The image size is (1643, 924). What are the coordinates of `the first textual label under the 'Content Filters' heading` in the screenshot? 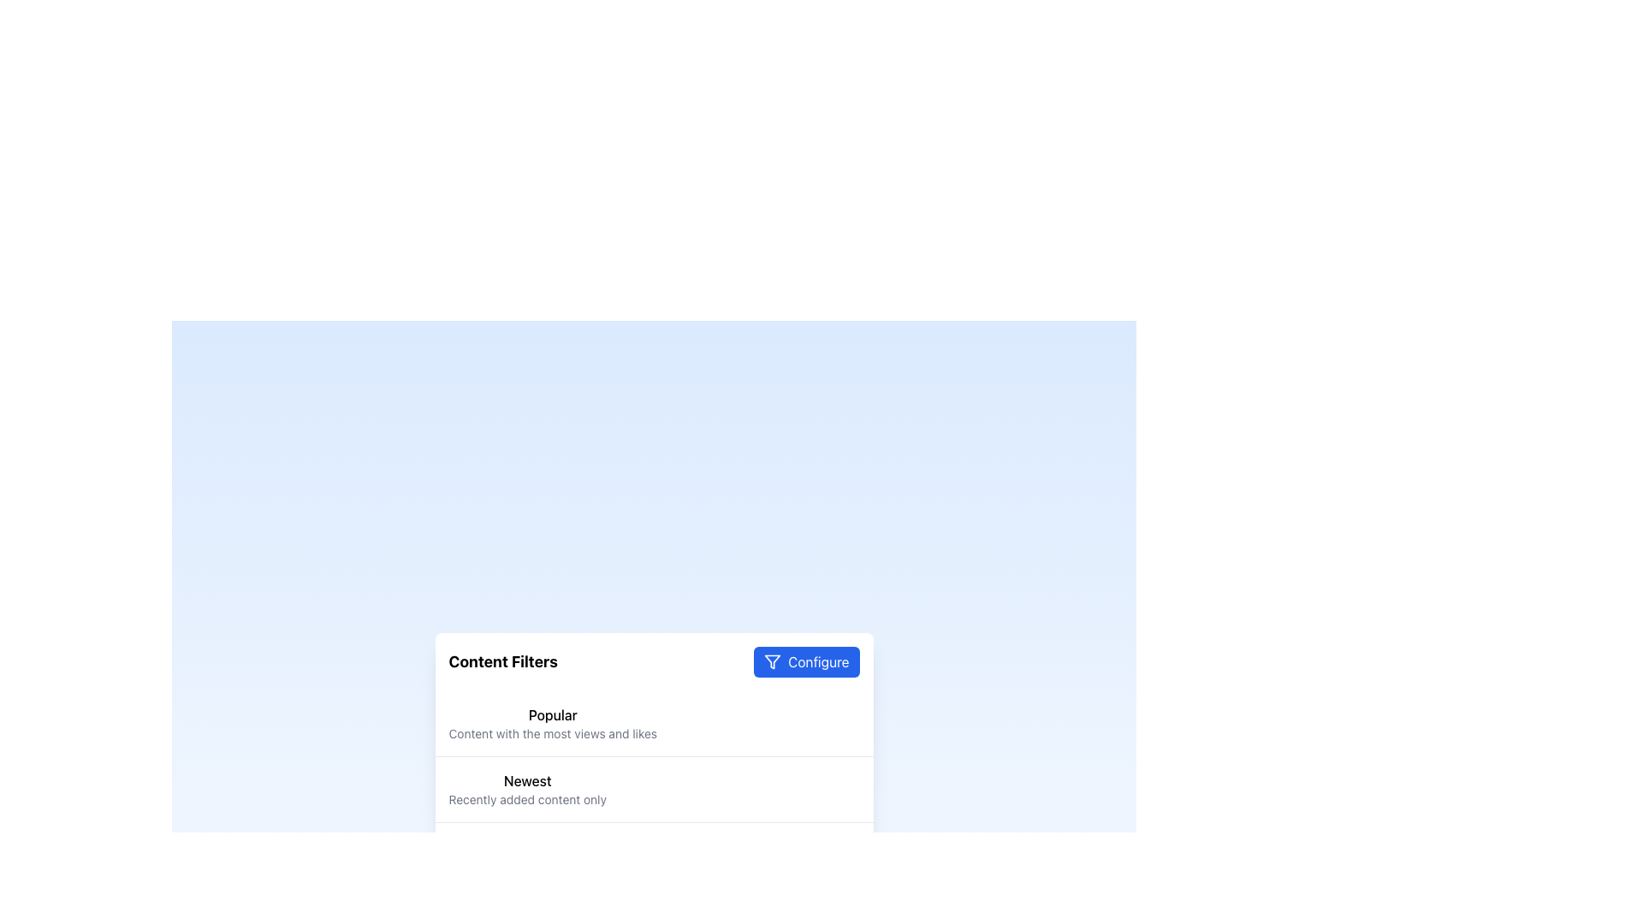 It's located at (553, 715).